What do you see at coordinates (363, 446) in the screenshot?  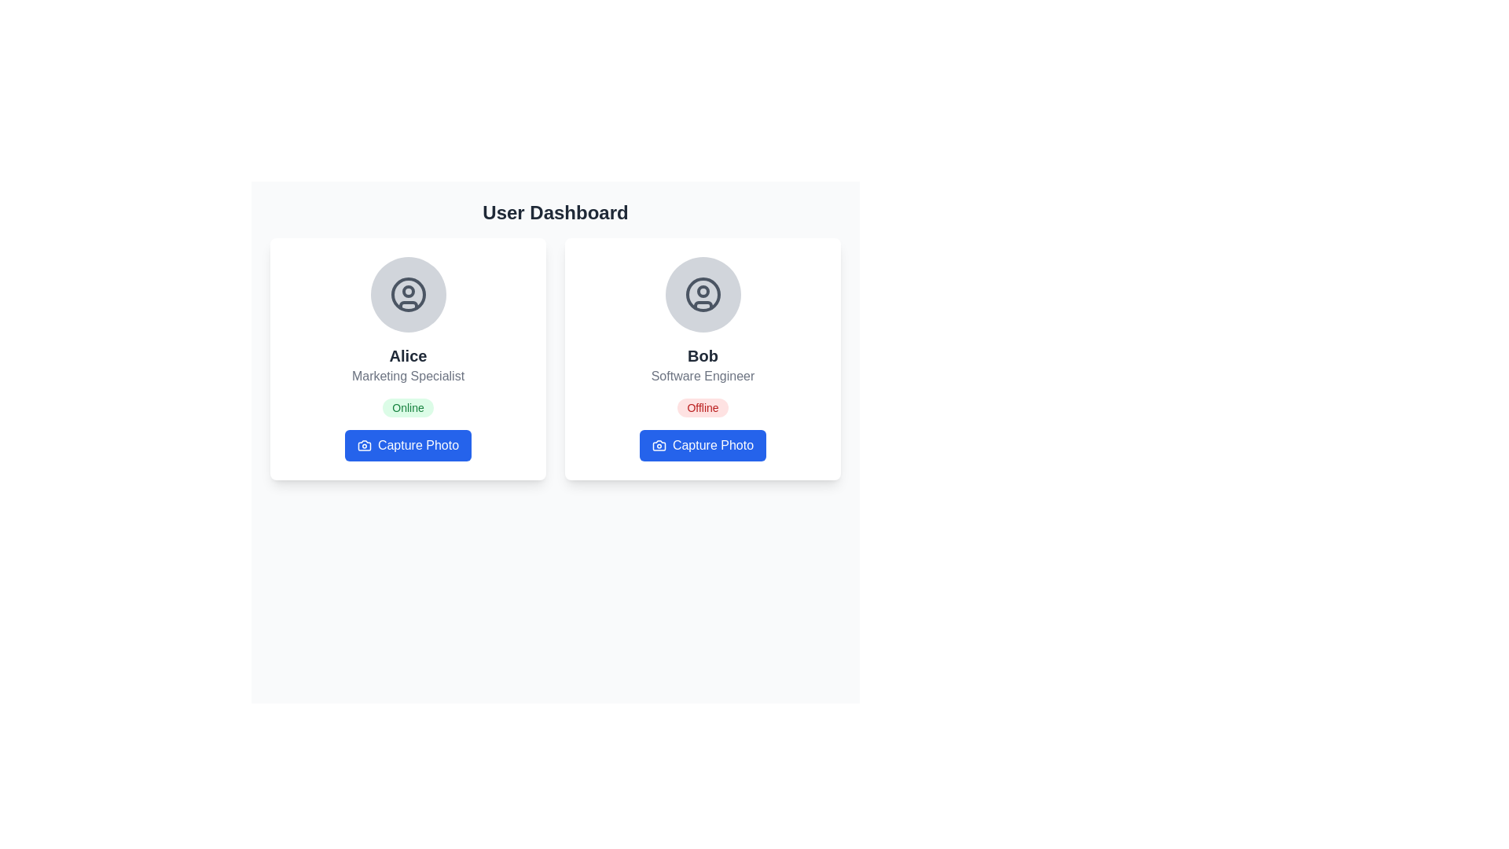 I see `the camera icon located to the left of the 'Capture Photo' text in the clickable blue button below the 'Alice' card in the 'User Dashboard'` at bounding box center [363, 446].